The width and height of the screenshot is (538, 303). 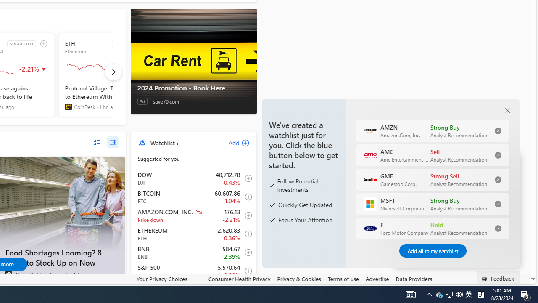 What do you see at coordinates (239, 279) in the screenshot?
I see `'Consumer Health Privacy'` at bounding box center [239, 279].